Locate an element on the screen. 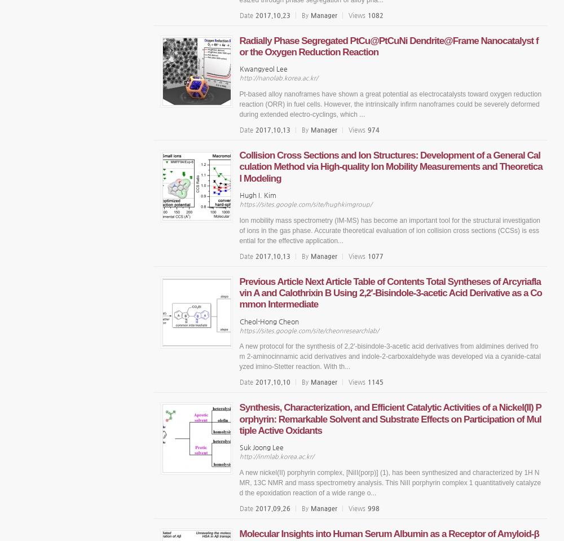 Image resolution: width=564 pixels, height=541 pixels. '2017.10.23' is located at coordinates (272, 14).